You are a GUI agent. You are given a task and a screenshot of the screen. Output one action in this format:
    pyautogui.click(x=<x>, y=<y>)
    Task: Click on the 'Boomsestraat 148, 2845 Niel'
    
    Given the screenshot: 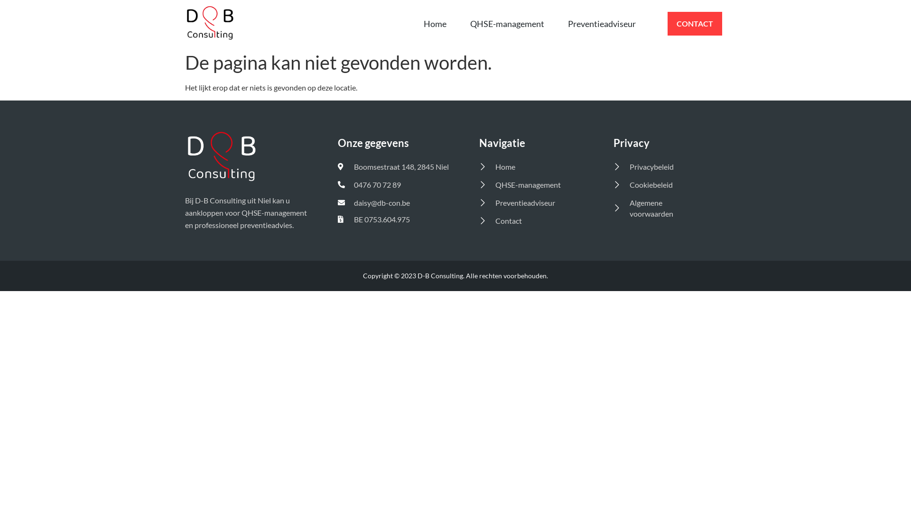 What is the action you would take?
    pyautogui.click(x=395, y=166)
    